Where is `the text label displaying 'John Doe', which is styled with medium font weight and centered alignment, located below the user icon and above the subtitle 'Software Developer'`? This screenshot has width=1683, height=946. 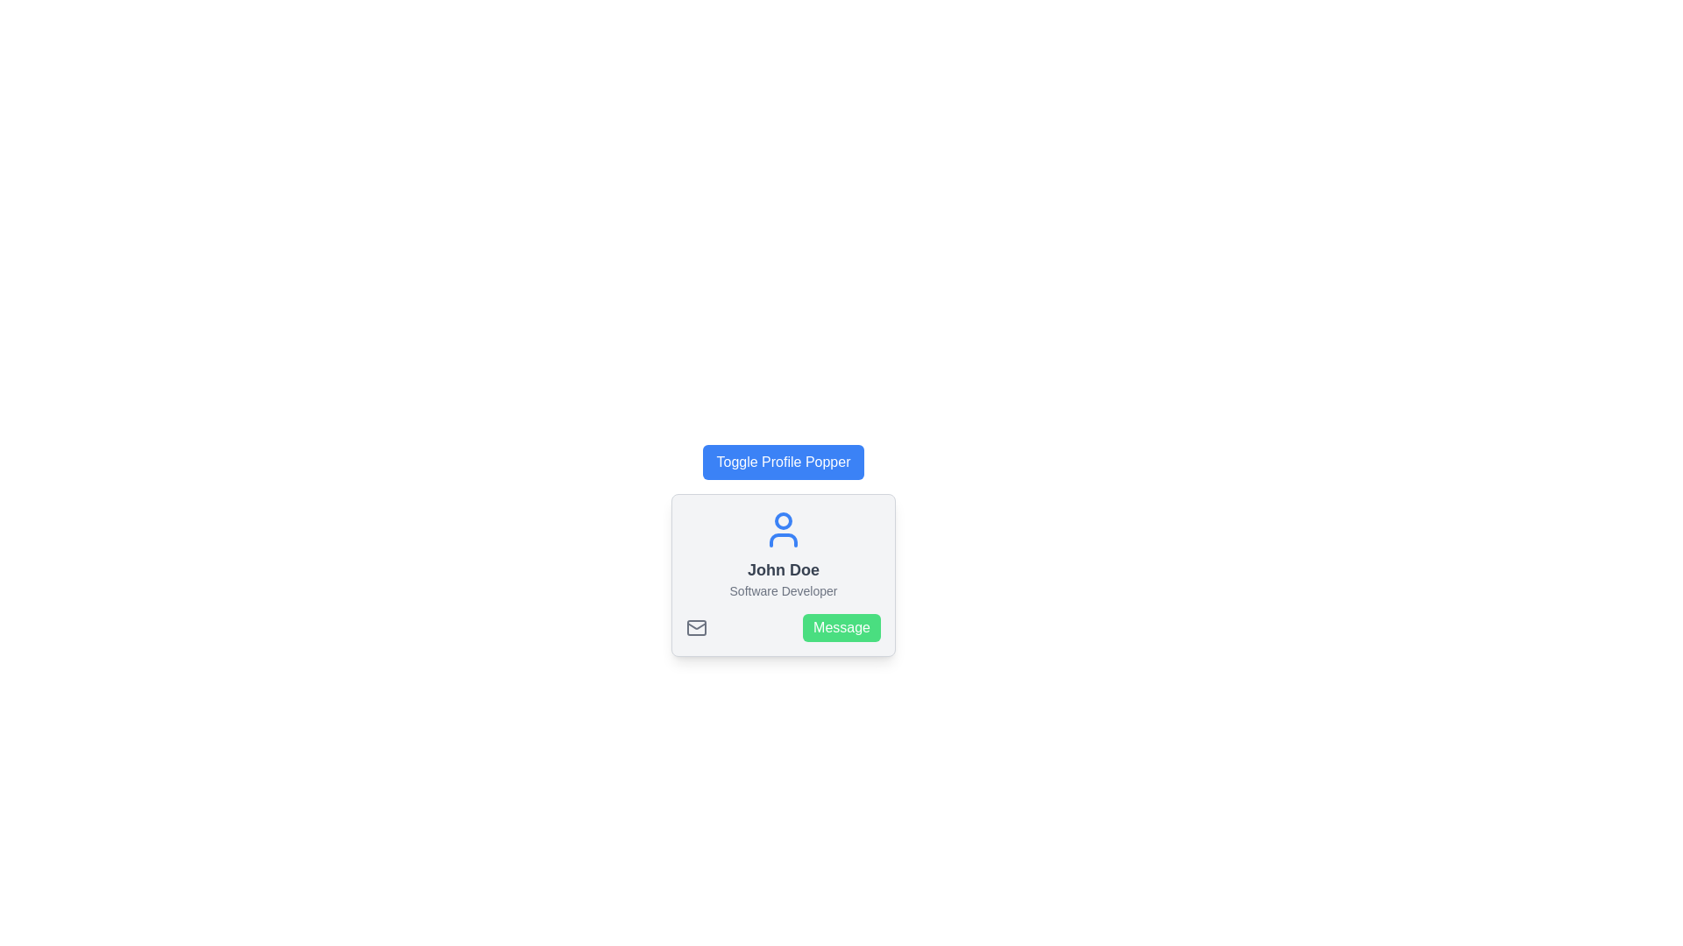
the text label displaying 'John Doe', which is styled with medium font weight and centered alignment, located below the user icon and above the subtitle 'Software Developer' is located at coordinates (782, 570).